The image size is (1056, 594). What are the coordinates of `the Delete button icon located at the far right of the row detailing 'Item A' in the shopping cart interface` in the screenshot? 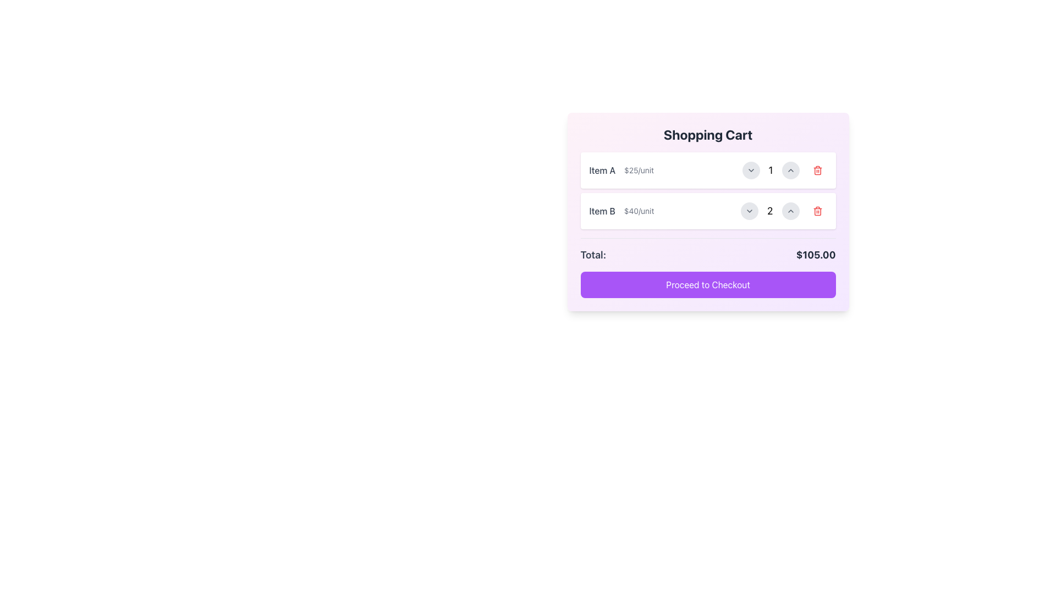 It's located at (817, 170).